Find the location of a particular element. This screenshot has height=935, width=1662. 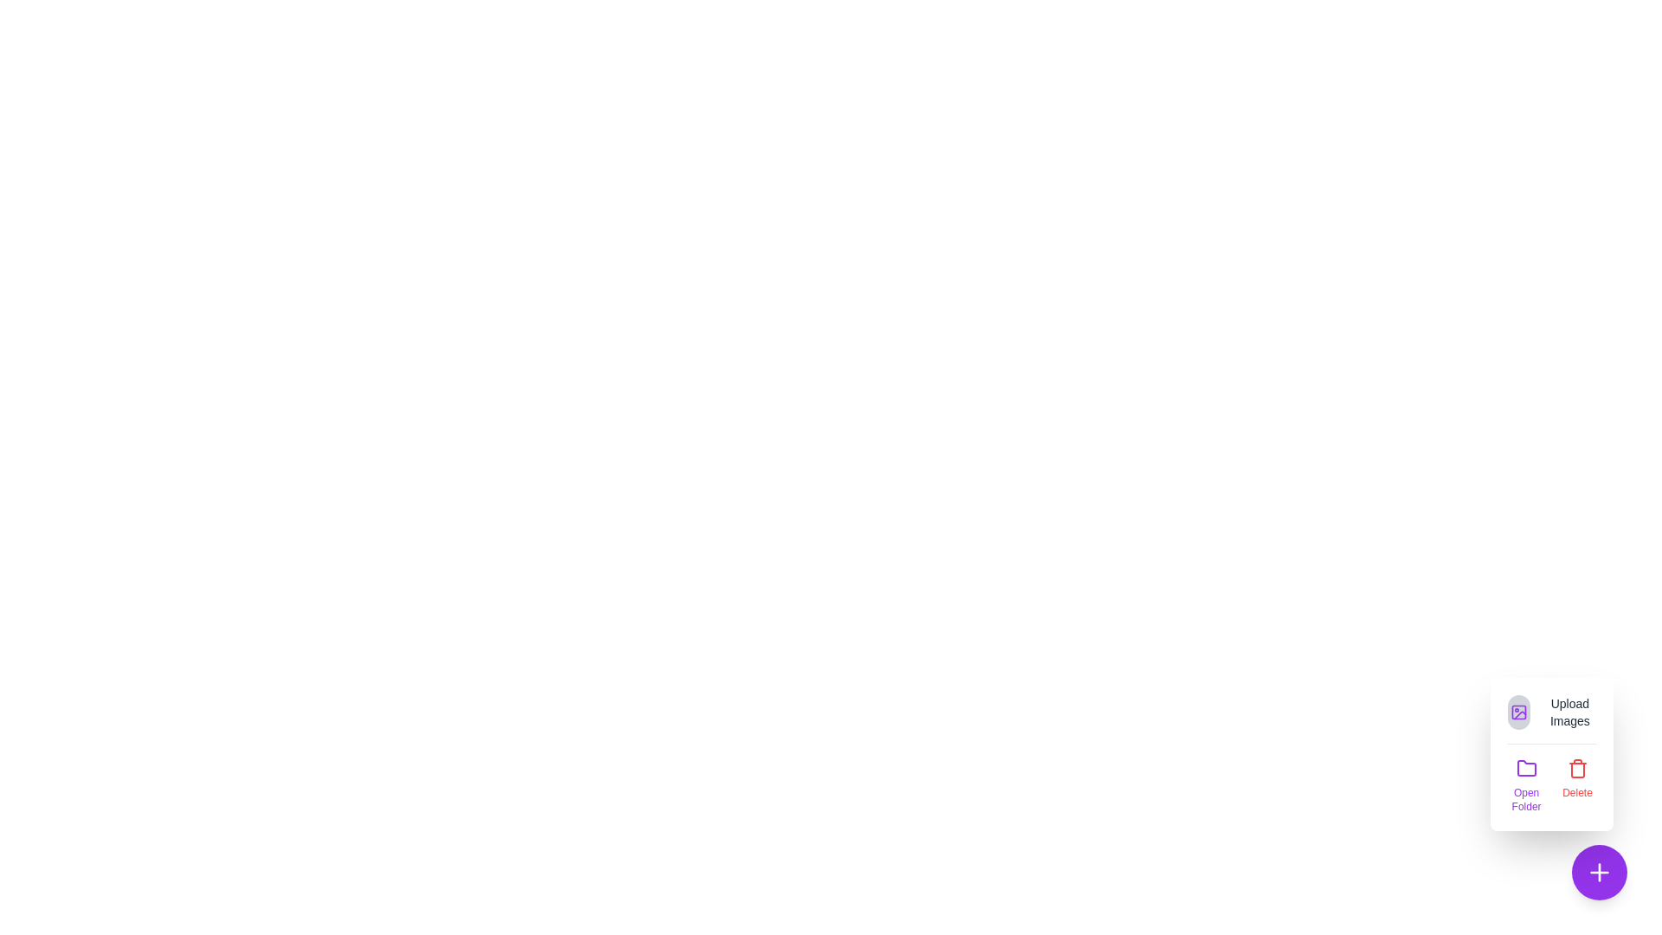

the circular action button with a light gray background and a purple photo frame icon is located at coordinates (1517, 712).